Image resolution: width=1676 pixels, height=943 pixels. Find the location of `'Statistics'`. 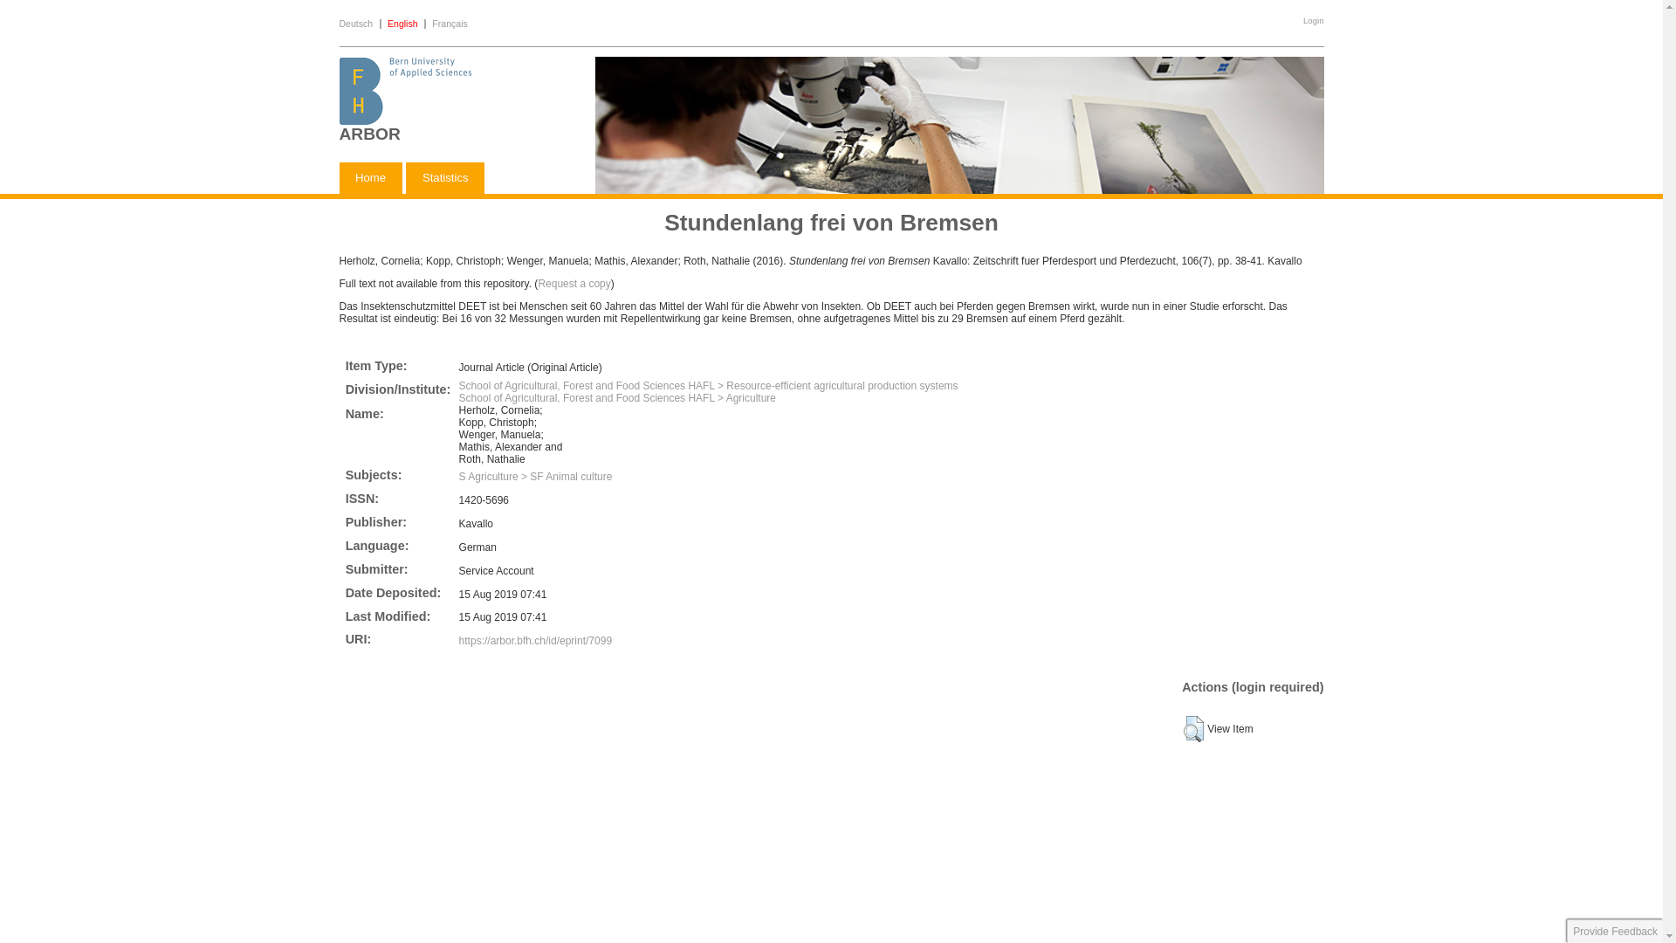

'Statistics' is located at coordinates (405, 180).